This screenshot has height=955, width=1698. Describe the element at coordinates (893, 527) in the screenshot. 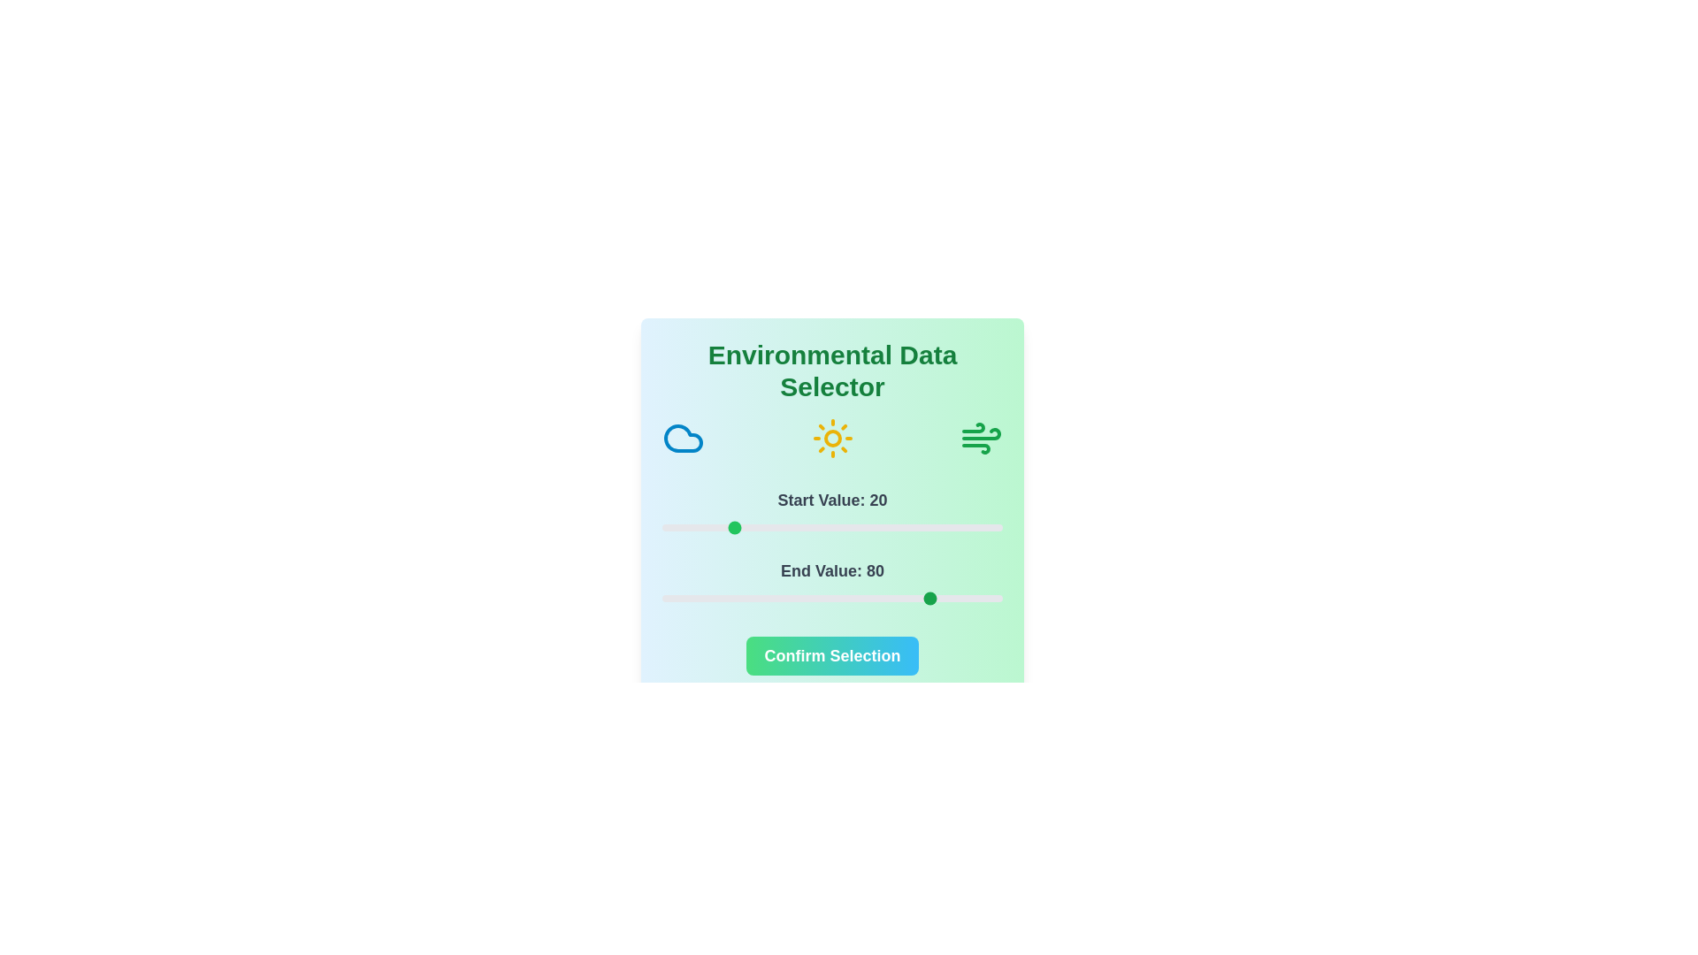

I see `the start value on the slider` at that location.